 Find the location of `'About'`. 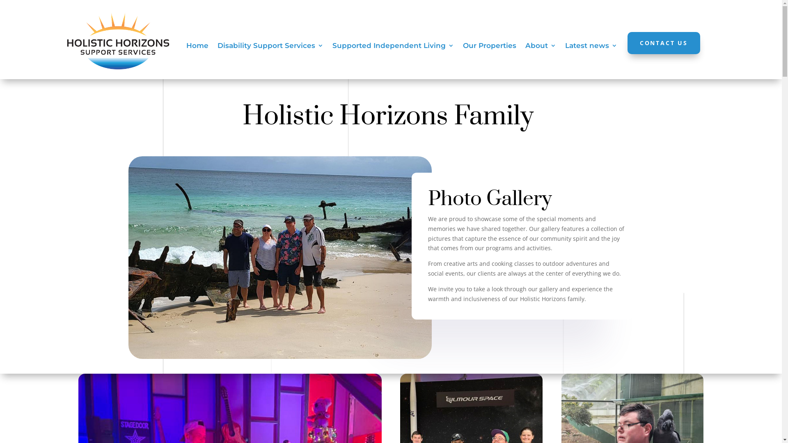

'About' is located at coordinates (525, 47).